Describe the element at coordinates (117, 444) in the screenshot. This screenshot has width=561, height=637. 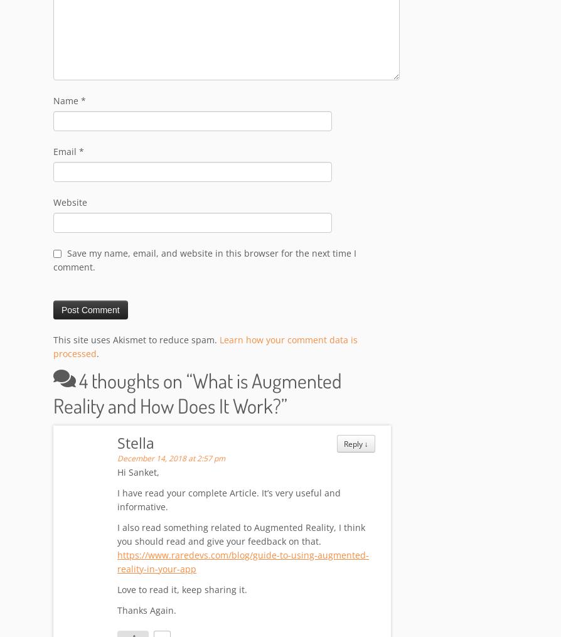
I see `'Stella'` at that location.